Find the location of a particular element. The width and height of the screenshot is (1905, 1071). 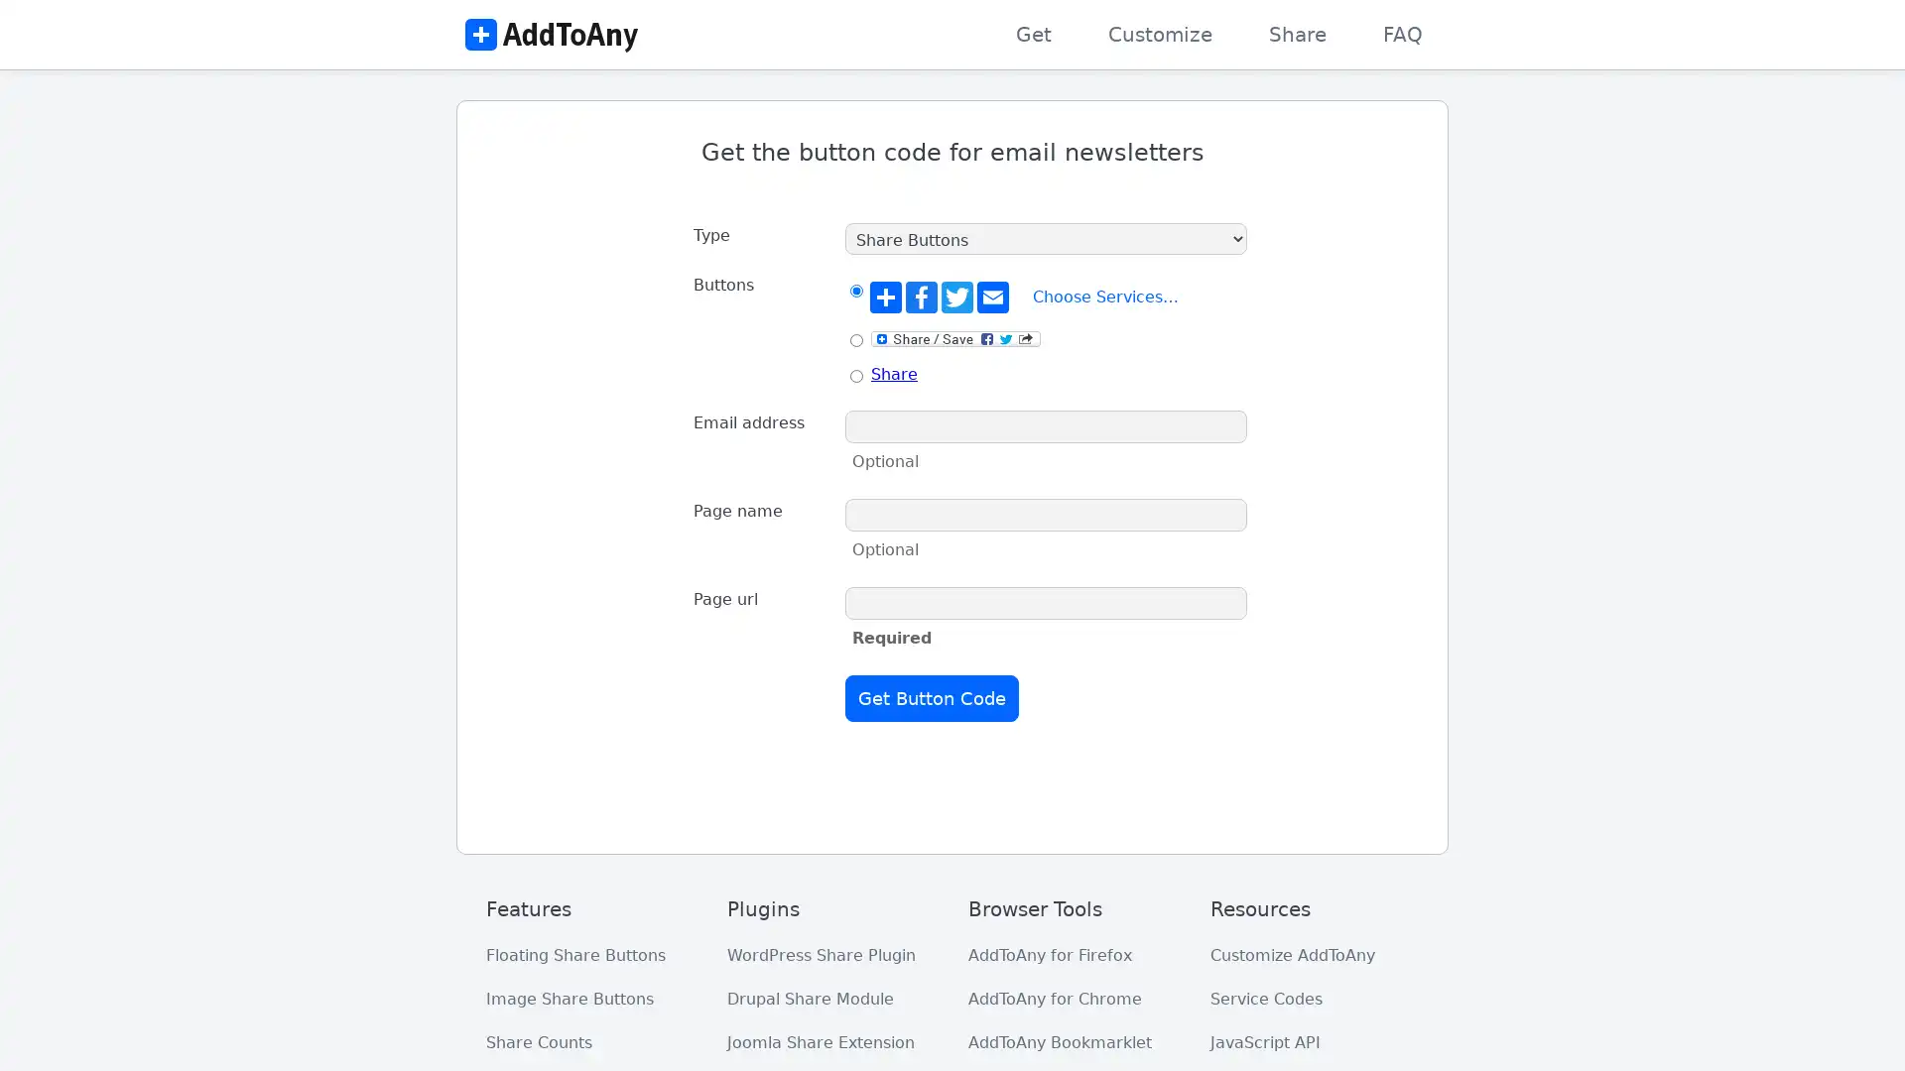

Get Button Code is located at coordinates (931, 697).